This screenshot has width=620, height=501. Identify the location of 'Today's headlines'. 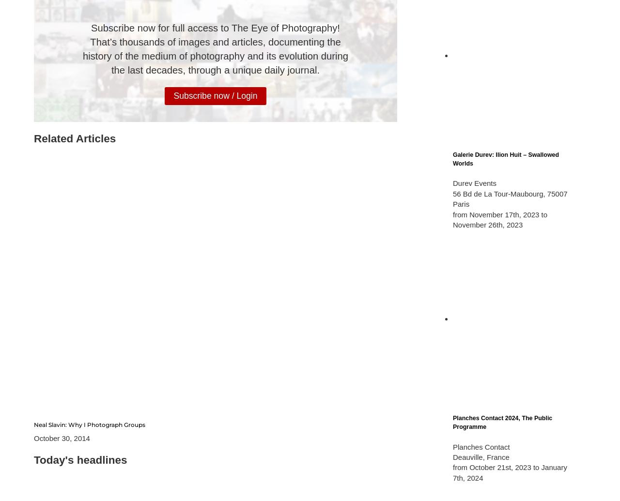
(80, 459).